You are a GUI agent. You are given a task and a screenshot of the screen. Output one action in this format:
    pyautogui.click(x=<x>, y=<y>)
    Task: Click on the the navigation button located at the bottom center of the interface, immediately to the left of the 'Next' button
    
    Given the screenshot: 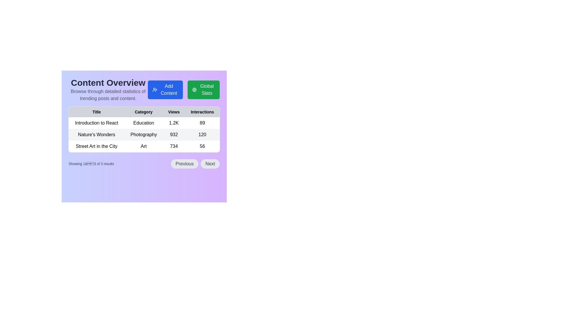 What is the action you would take?
    pyautogui.click(x=184, y=164)
    